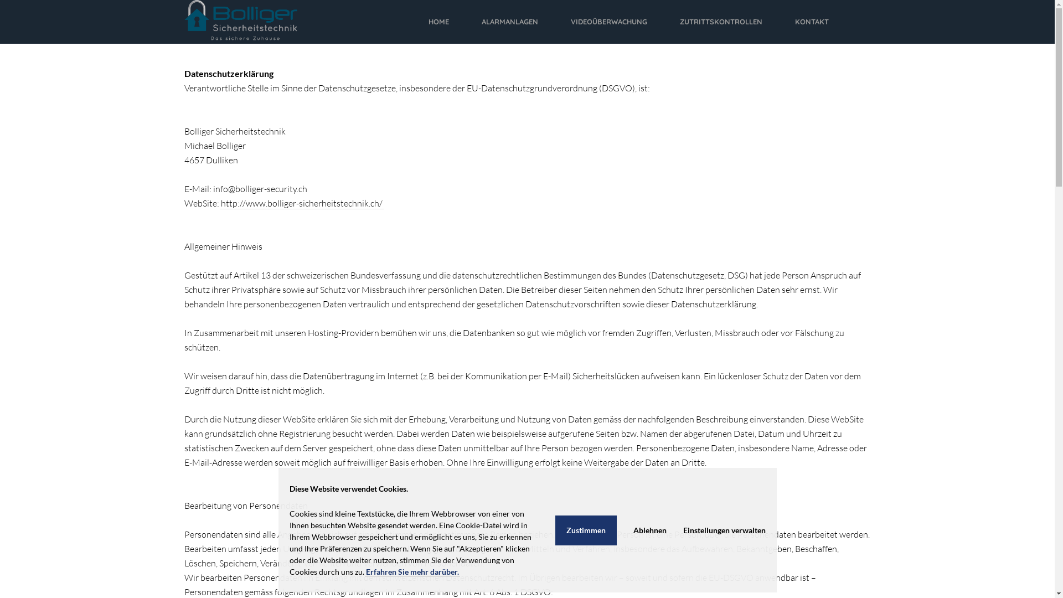  What do you see at coordinates (650, 529) in the screenshot?
I see `'Ablehnen'` at bounding box center [650, 529].